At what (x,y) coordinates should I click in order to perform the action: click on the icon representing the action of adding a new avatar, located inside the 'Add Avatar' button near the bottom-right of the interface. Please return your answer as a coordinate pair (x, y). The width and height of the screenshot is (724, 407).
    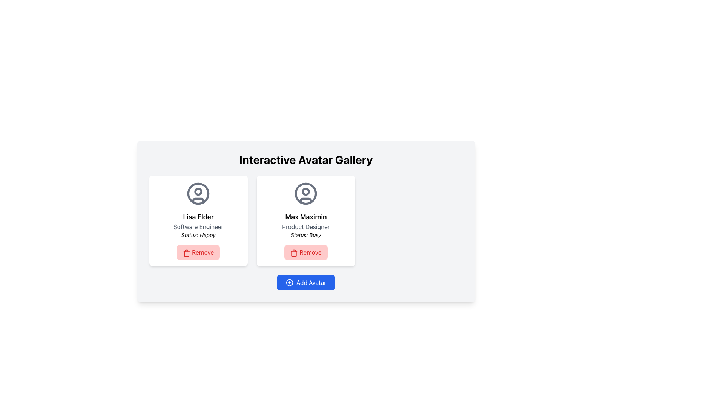
    Looking at the image, I should click on (289, 282).